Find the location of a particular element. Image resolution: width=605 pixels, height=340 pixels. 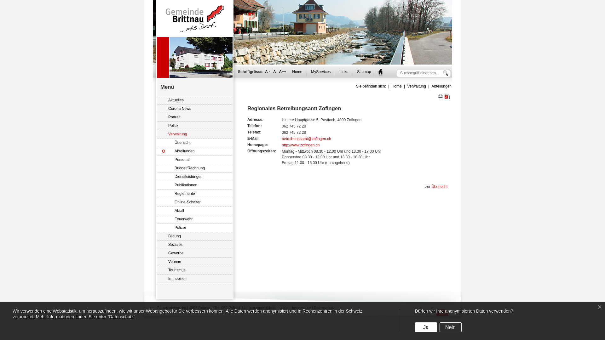

'betreibungsamt@zofingen.ch' is located at coordinates (306, 138).